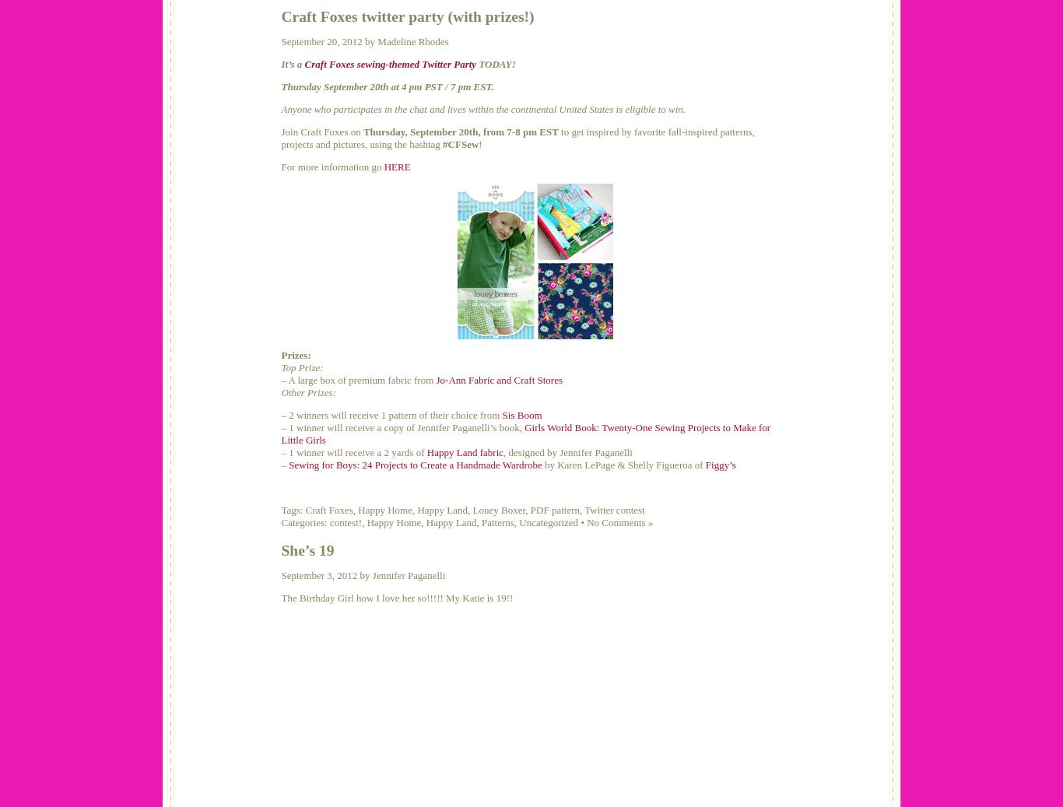 This screenshot has width=1063, height=807. Describe the element at coordinates (407, 16) in the screenshot. I see `'Craft Foxes twitter party (with prizes!)'` at that location.